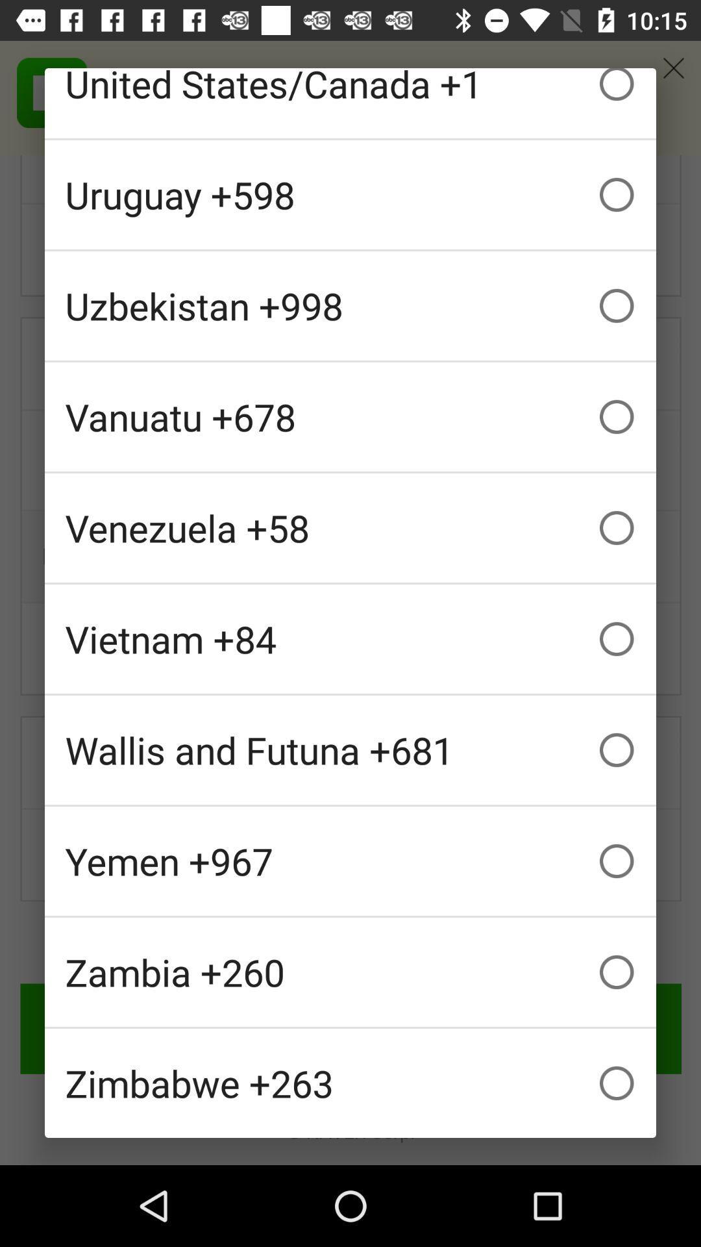 Image resolution: width=701 pixels, height=1247 pixels. Describe the element at coordinates (350, 194) in the screenshot. I see `uruguay +598 icon` at that location.